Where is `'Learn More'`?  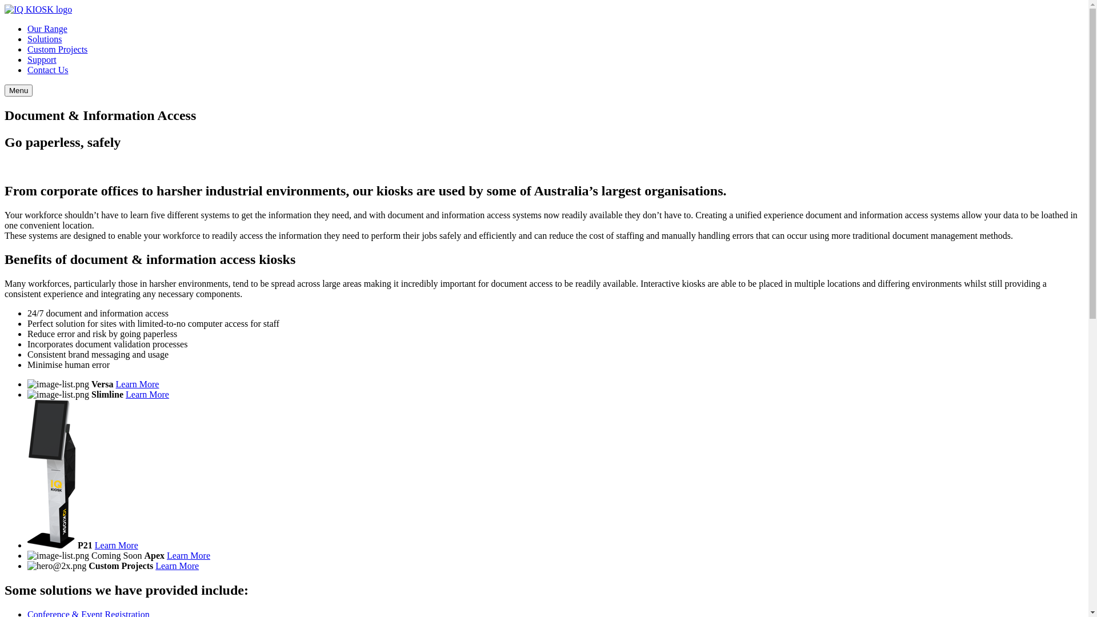
'Learn More' is located at coordinates (137, 384).